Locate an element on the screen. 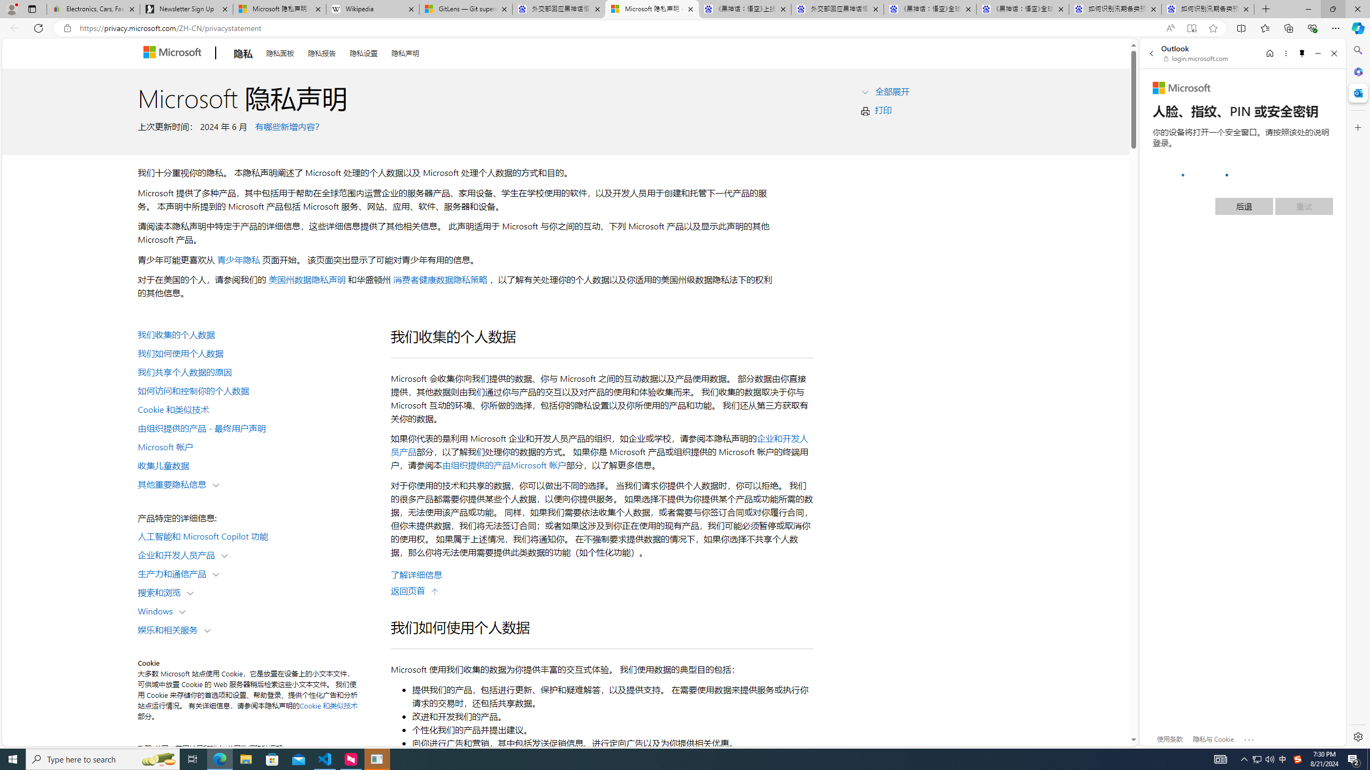  'Wikipedia' is located at coordinates (372, 9).